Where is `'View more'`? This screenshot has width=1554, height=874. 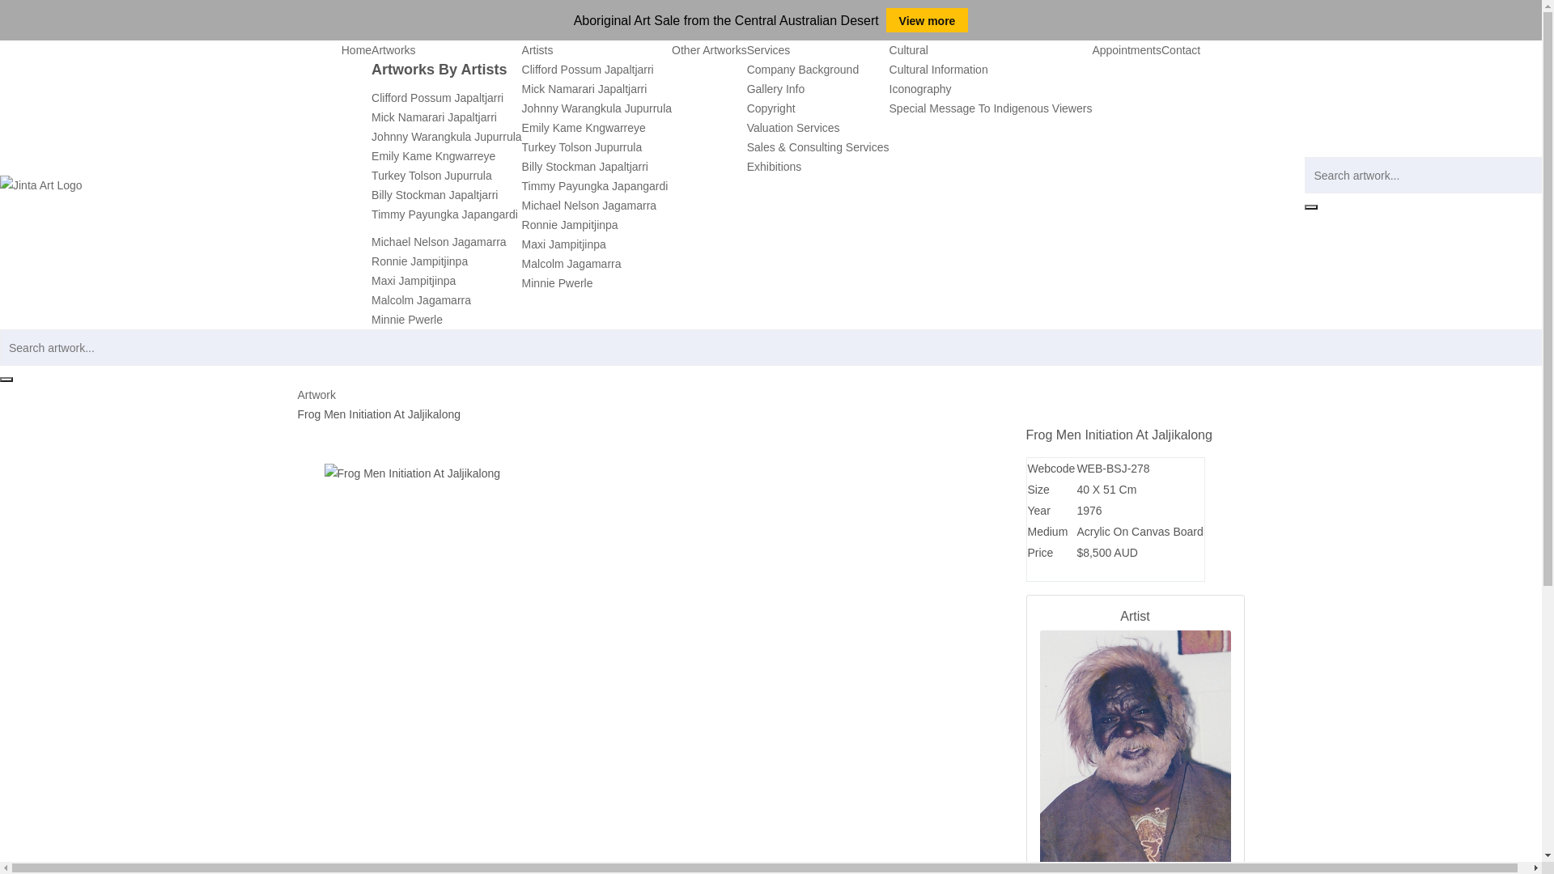 'View more' is located at coordinates (928, 19).